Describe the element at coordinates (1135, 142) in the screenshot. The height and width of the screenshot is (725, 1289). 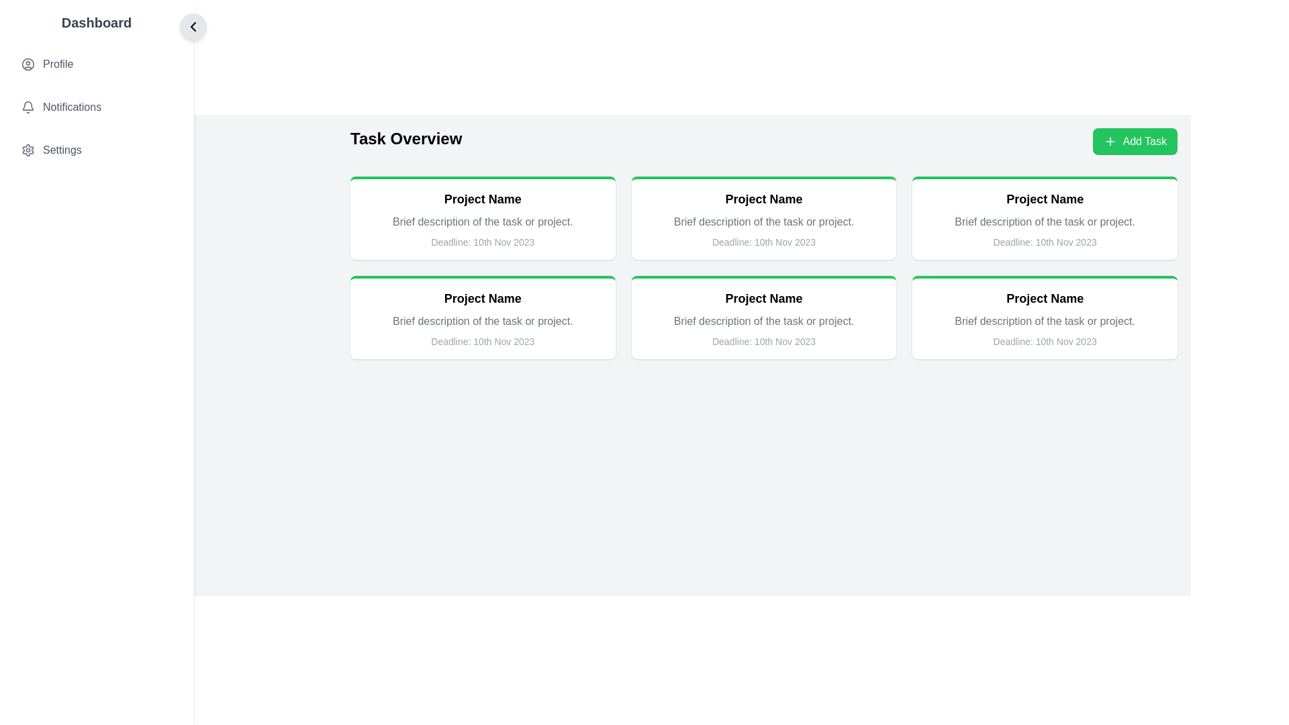
I see `the green rectangular 'Add Task' button with rounded corners located next to the 'Task Overview' title` at that location.